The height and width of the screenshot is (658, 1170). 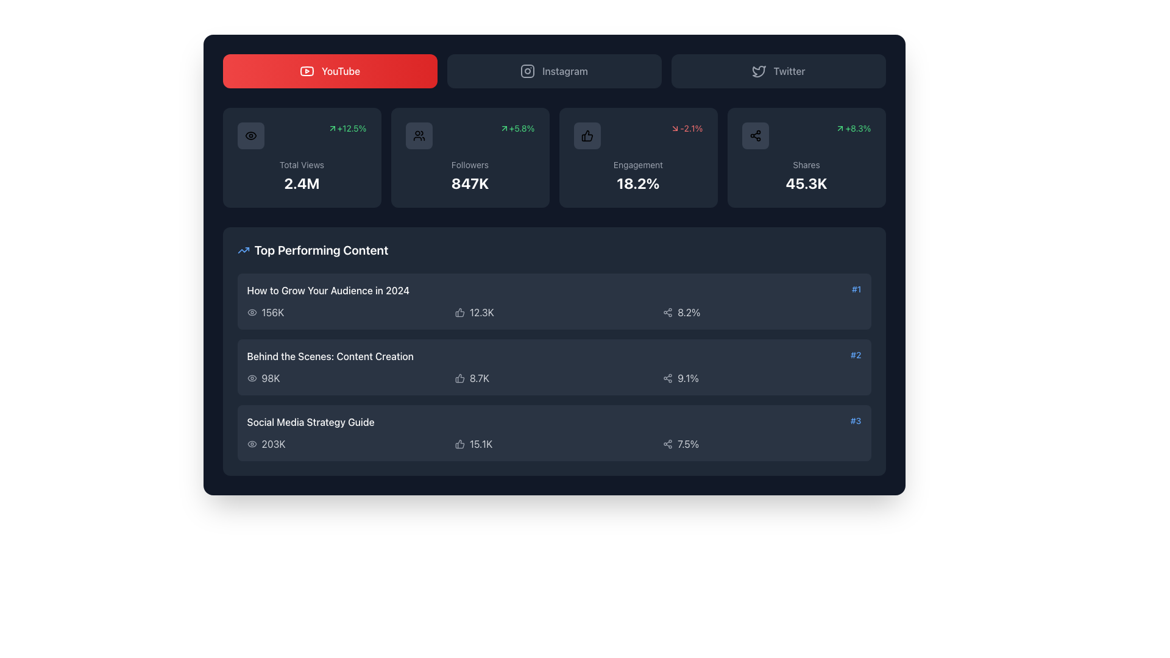 What do you see at coordinates (553, 71) in the screenshot?
I see `the Instagram button located in the top-center region of the interface, positioned between the YouTube button on the left and the Twitter button on the right, to observe the visual transition effect` at bounding box center [553, 71].